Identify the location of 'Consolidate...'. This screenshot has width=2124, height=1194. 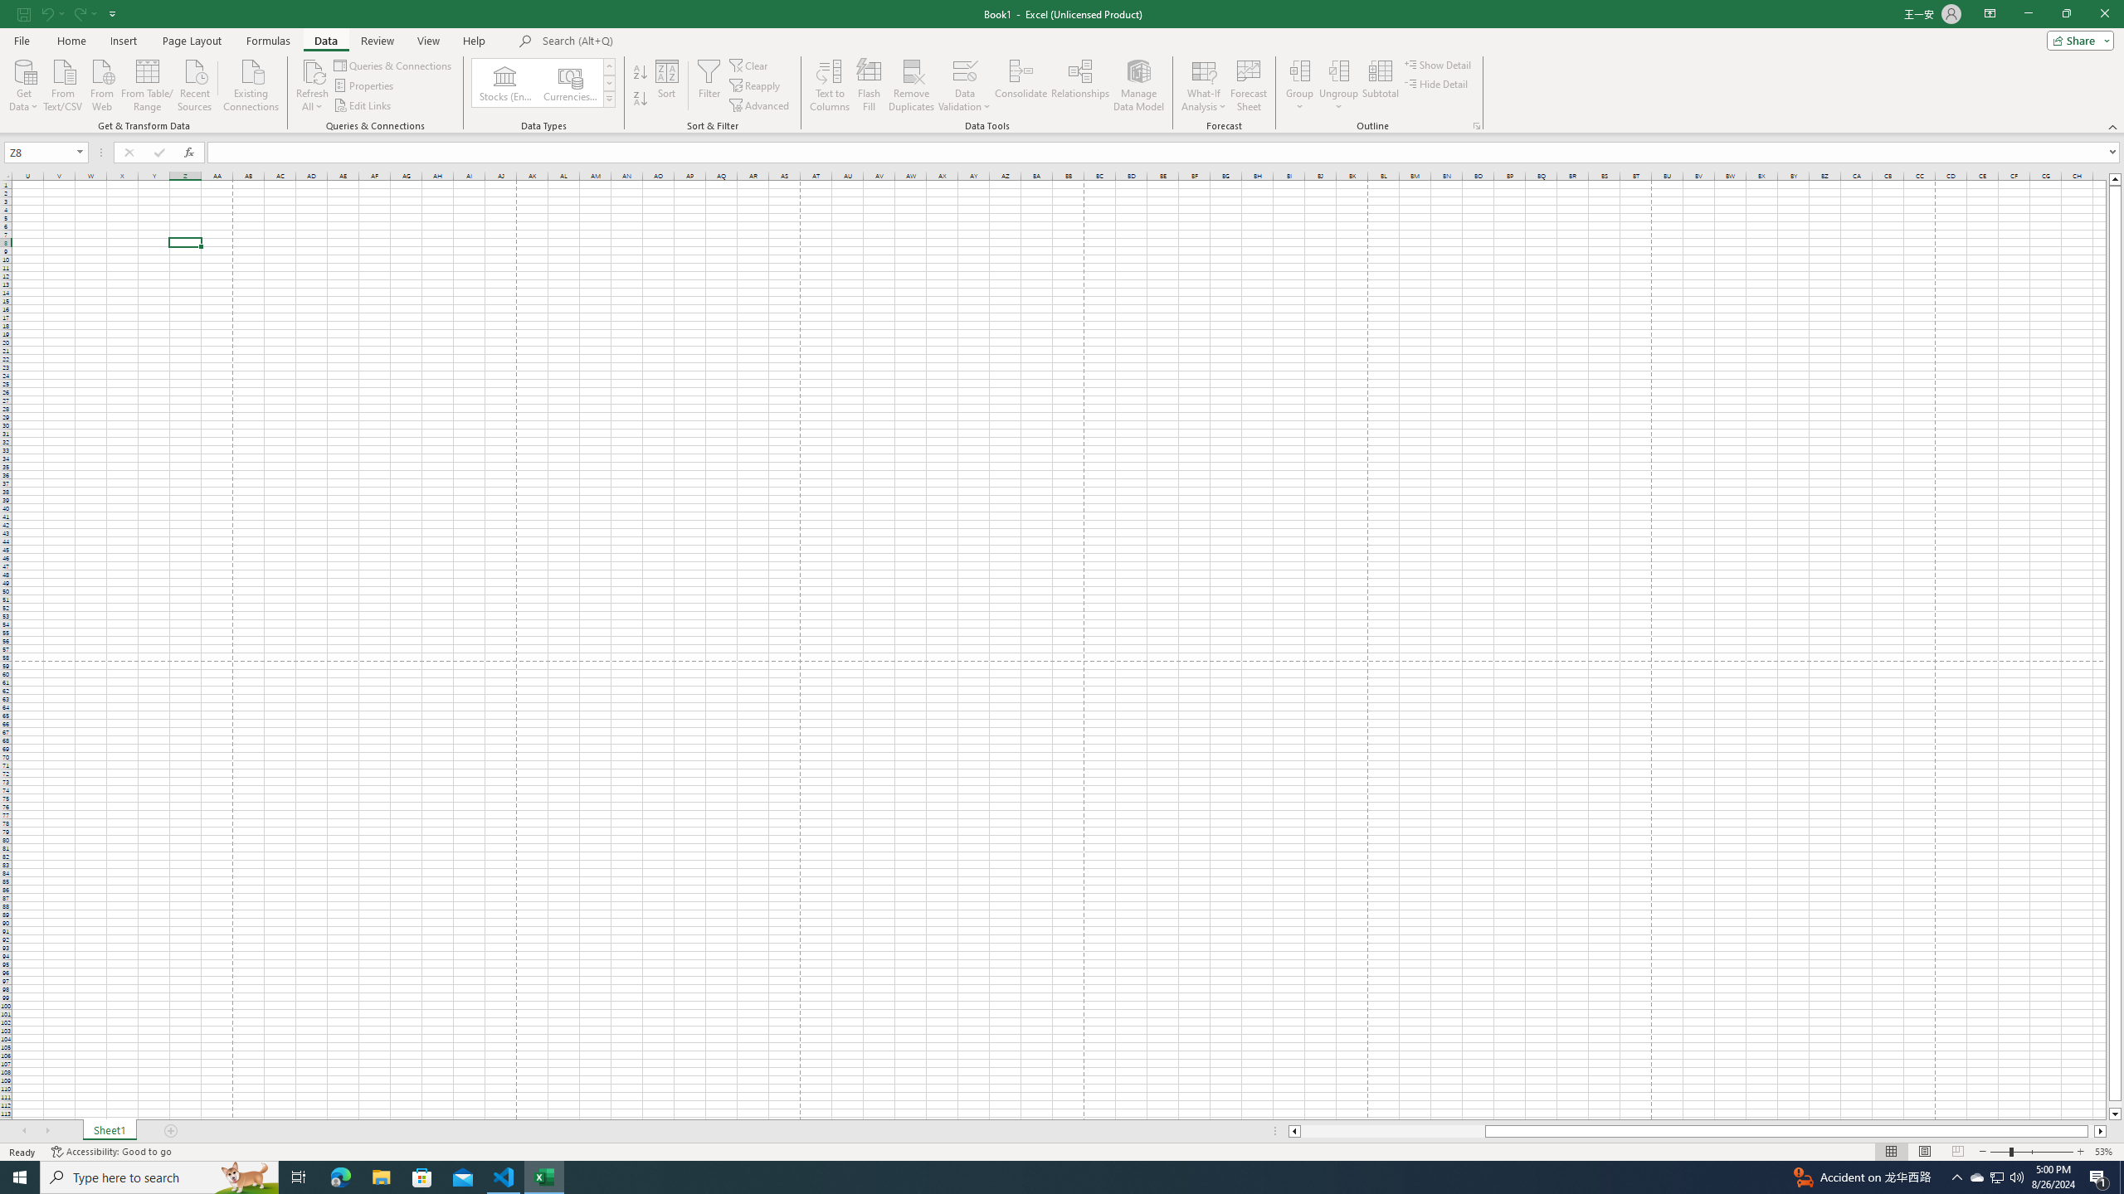
(1021, 85).